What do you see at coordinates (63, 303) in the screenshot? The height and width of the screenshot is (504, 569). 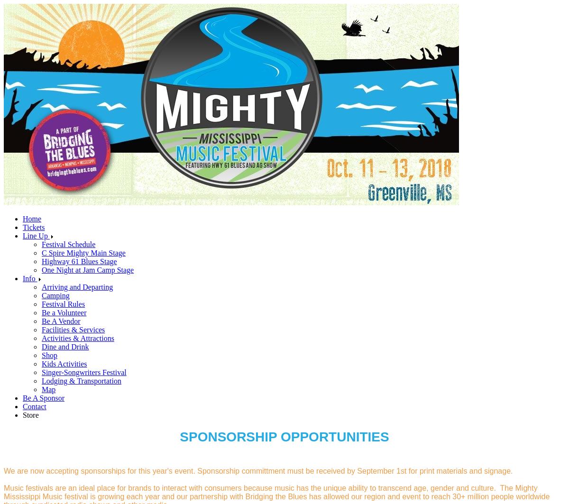 I see `'Festival Rules'` at bounding box center [63, 303].